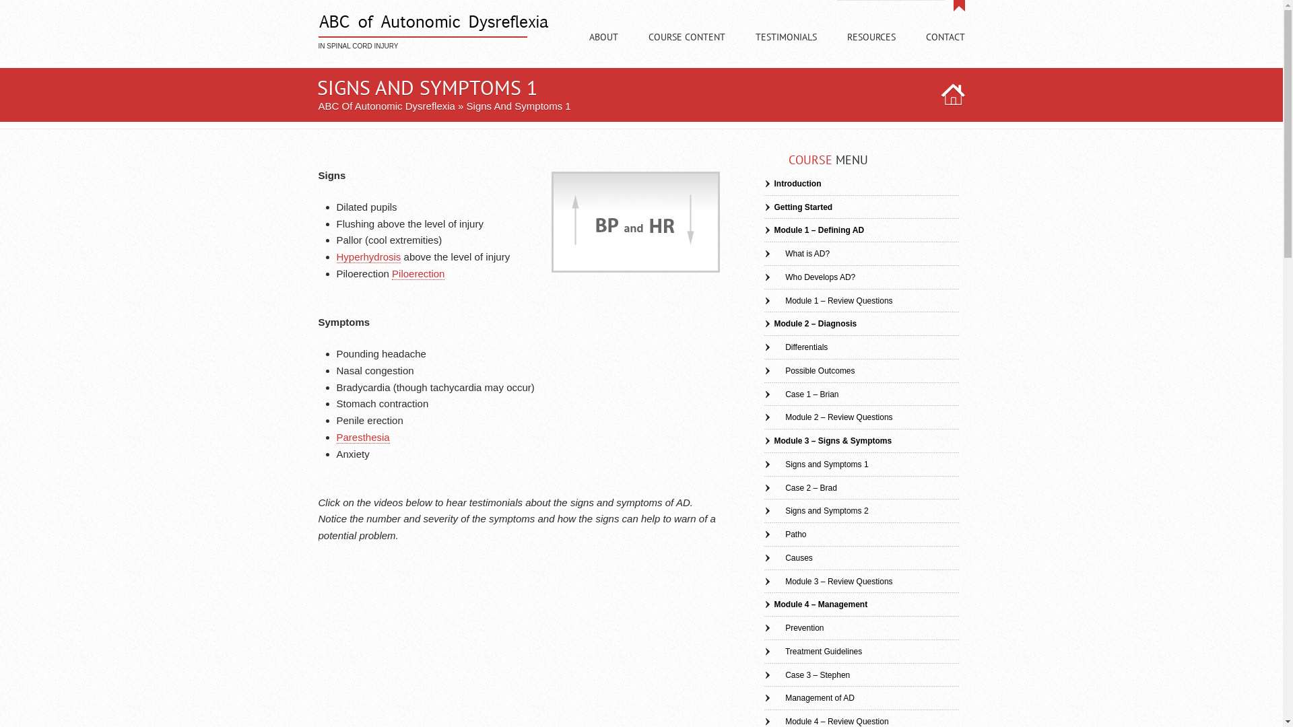  I want to click on '     Treatment Guidelines', so click(811, 651).